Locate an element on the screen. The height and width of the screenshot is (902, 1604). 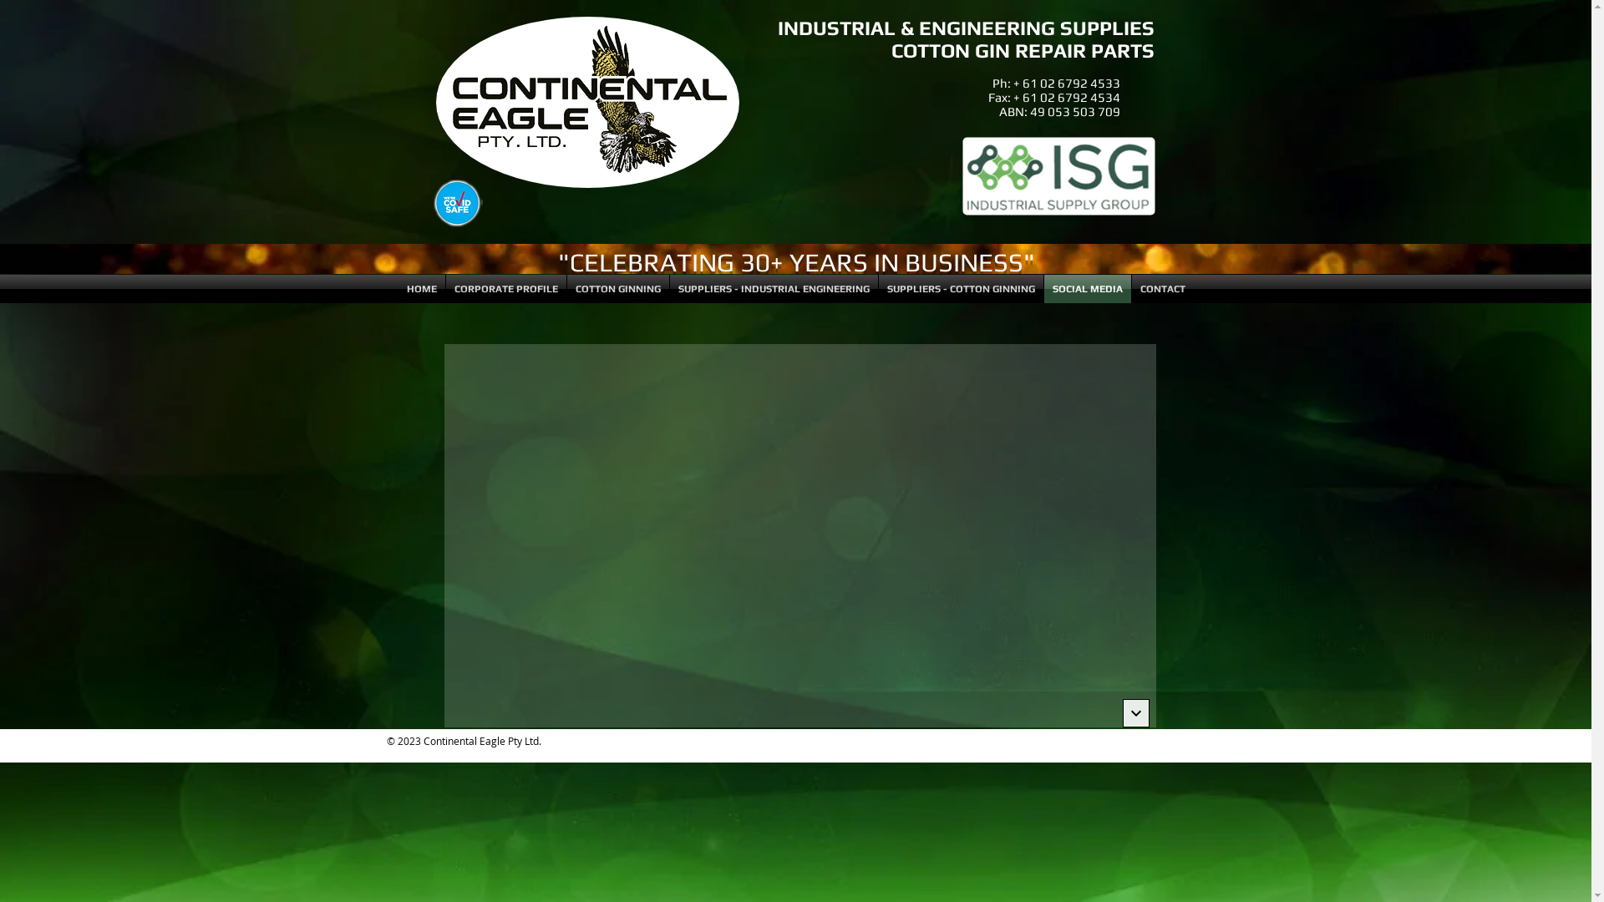
'COTTON GINNING' is located at coordinates (617, 288).